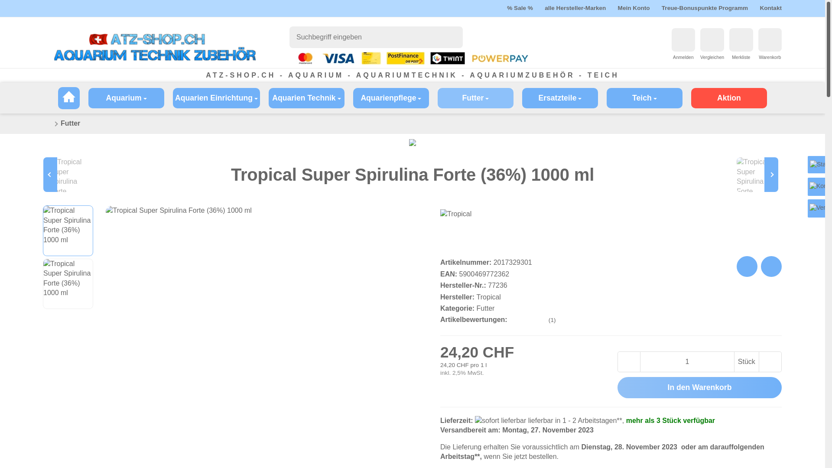  I want to click on 'Warenkorb', so click(770, 40).